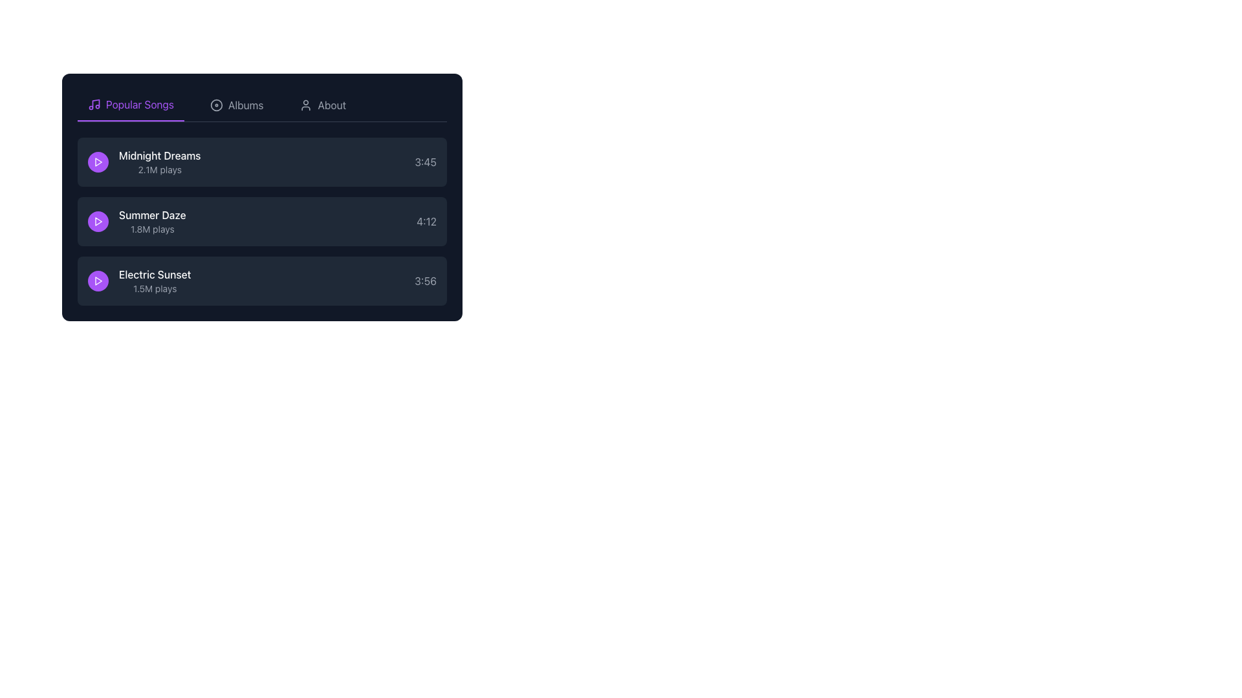 The width and height of the screenshot is (1242, 698). What do you see at coordinates (261, 161) in the screenshot?
I see `the list item 'Midnight Dreams' with a dark background and light text` at bounding box center [261, 161].